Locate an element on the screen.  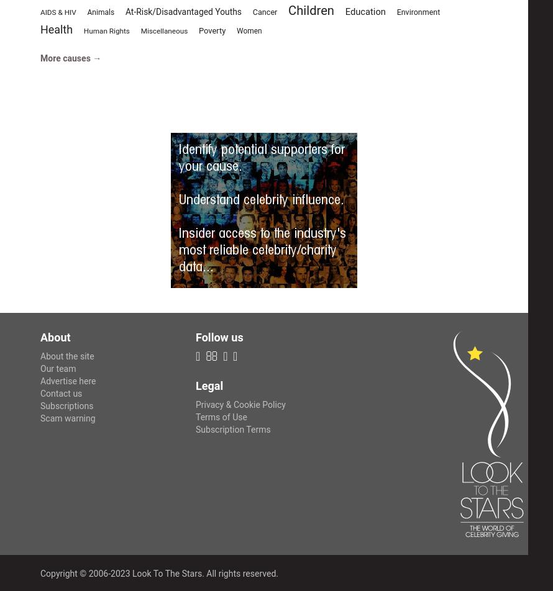
'Advertise here' is located at coordinates (40, 381).